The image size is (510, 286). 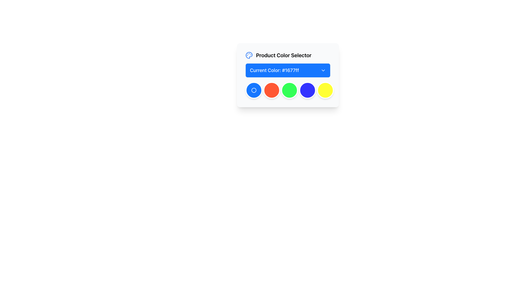 I want to click on the color palette icon in the 'Product Color Selector' interface, which features a circular outline with four smaller circles inside, so click(x=249, y=55).